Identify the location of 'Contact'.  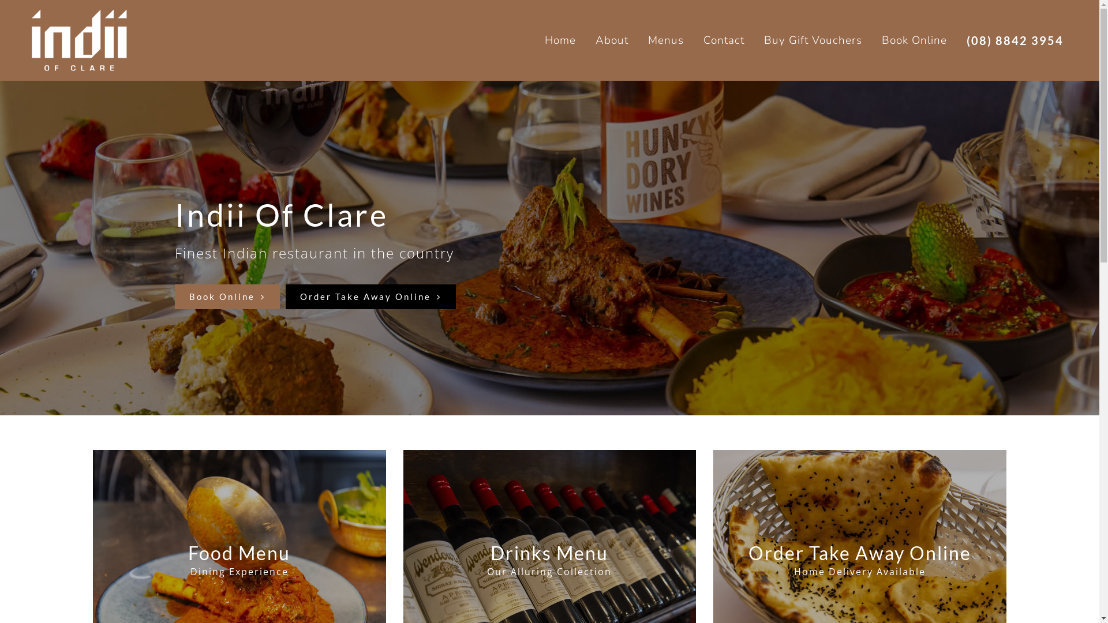
(723, 39).